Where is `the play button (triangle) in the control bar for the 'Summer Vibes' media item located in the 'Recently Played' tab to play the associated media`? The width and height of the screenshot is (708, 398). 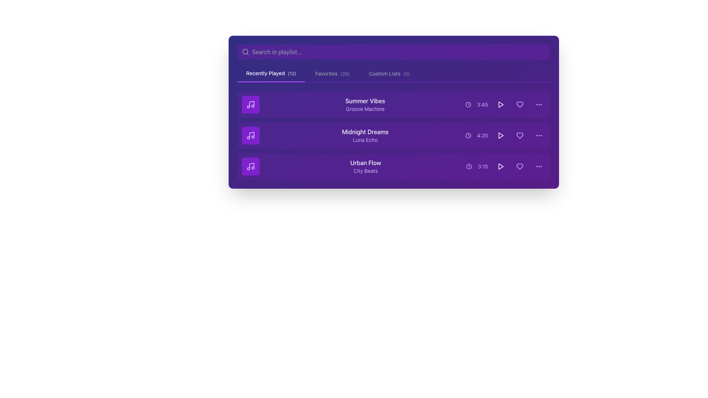 the play button (triangle) in the control bar for the 'Summer Vibes' media item located in the 'Recently Played' tab to play the associated media is located at coordinates (501, 105).